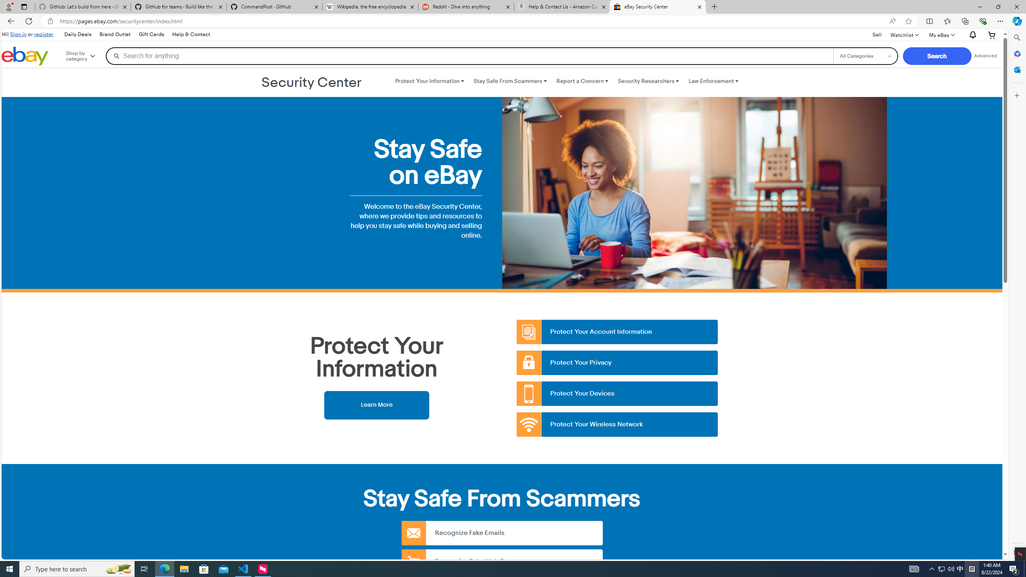 The height and width of the screenshot is (577, 1026). What do you see at coordinates (617, 362) in the screenshot?
I see `'Protect Your Privacy'` at bounding box center [617, 362].